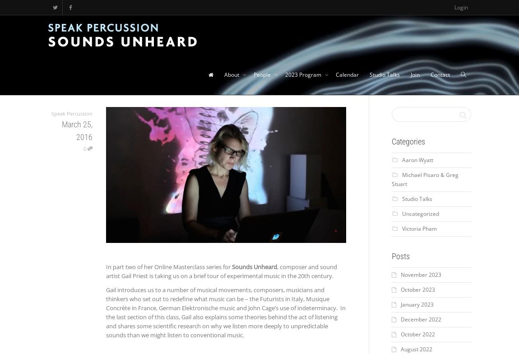 The width and height of the screenshot is (519, 354). What do you see at coordinates (408, 141) in the screenshot?
I see `'Categories'` at bounding box center [408, 141].